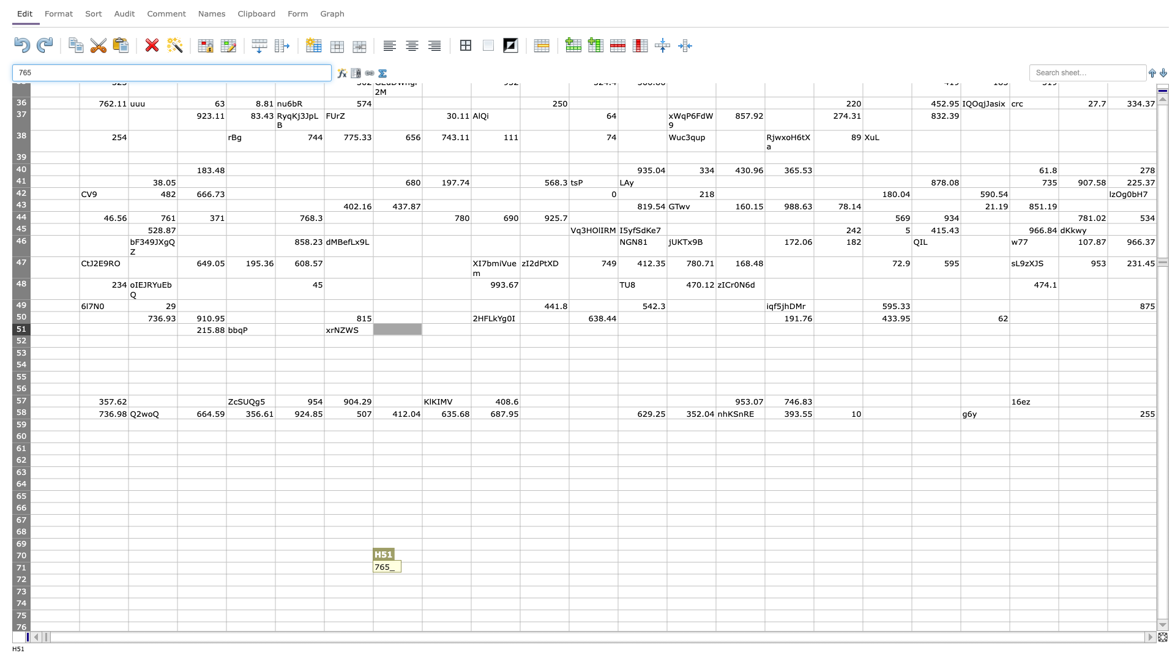  I want to click on bottom right corner of I71, so click(470, 573).